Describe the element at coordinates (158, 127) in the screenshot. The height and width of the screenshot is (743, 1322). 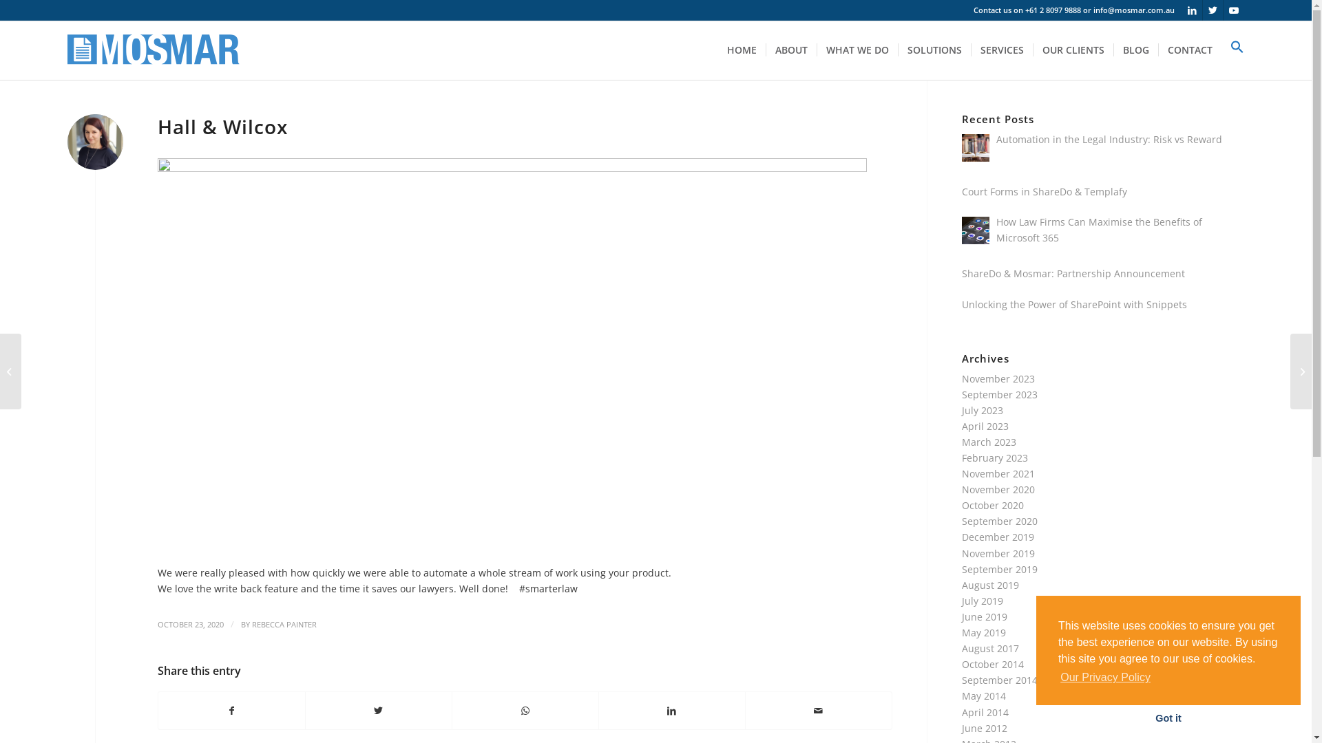
I see `'Hall & Wilcox'` at that location.